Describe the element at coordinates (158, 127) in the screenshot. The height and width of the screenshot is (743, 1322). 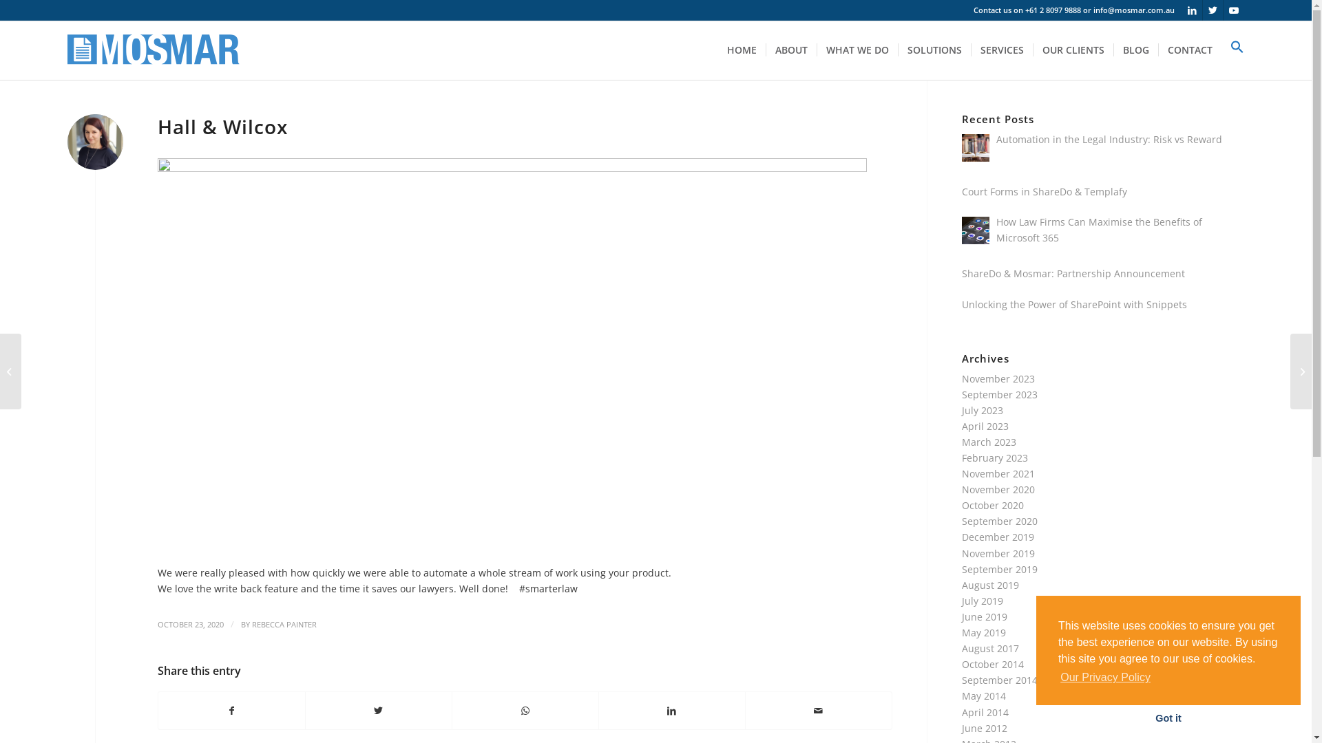
I see `'Hall & Wilcox'` at that location.